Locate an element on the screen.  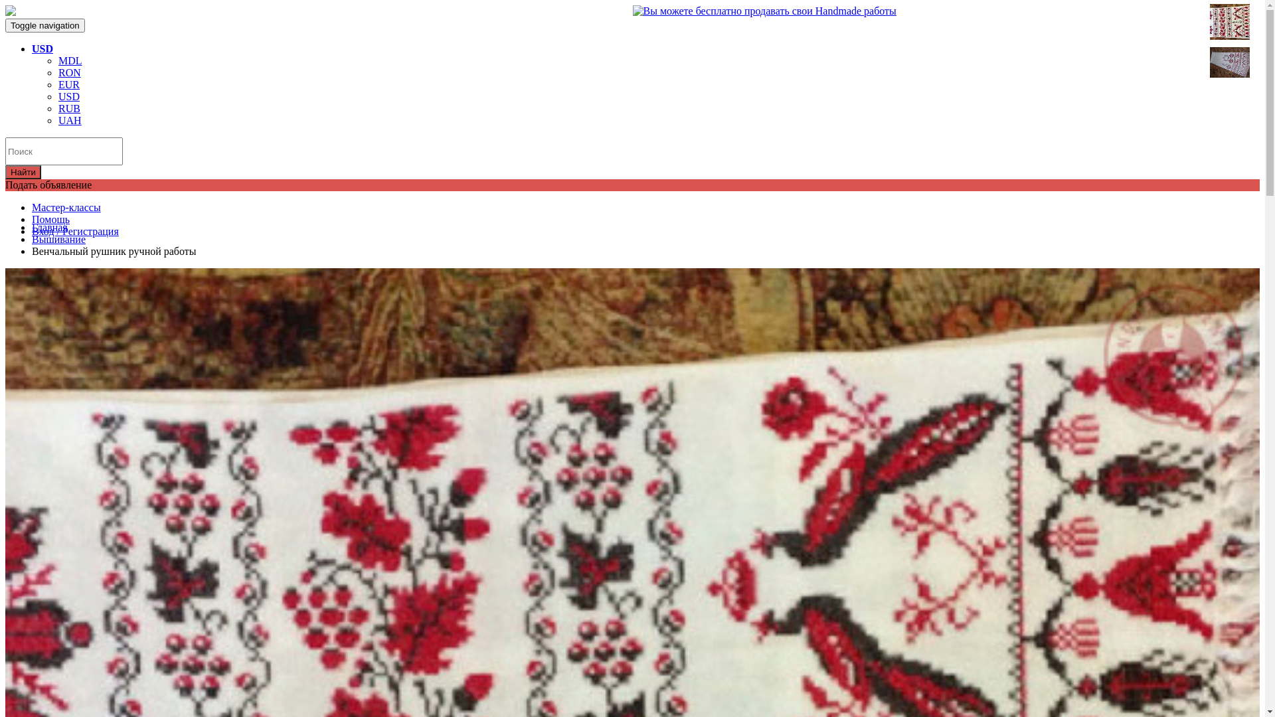
'RUB' is located at coordinates (68, 108).